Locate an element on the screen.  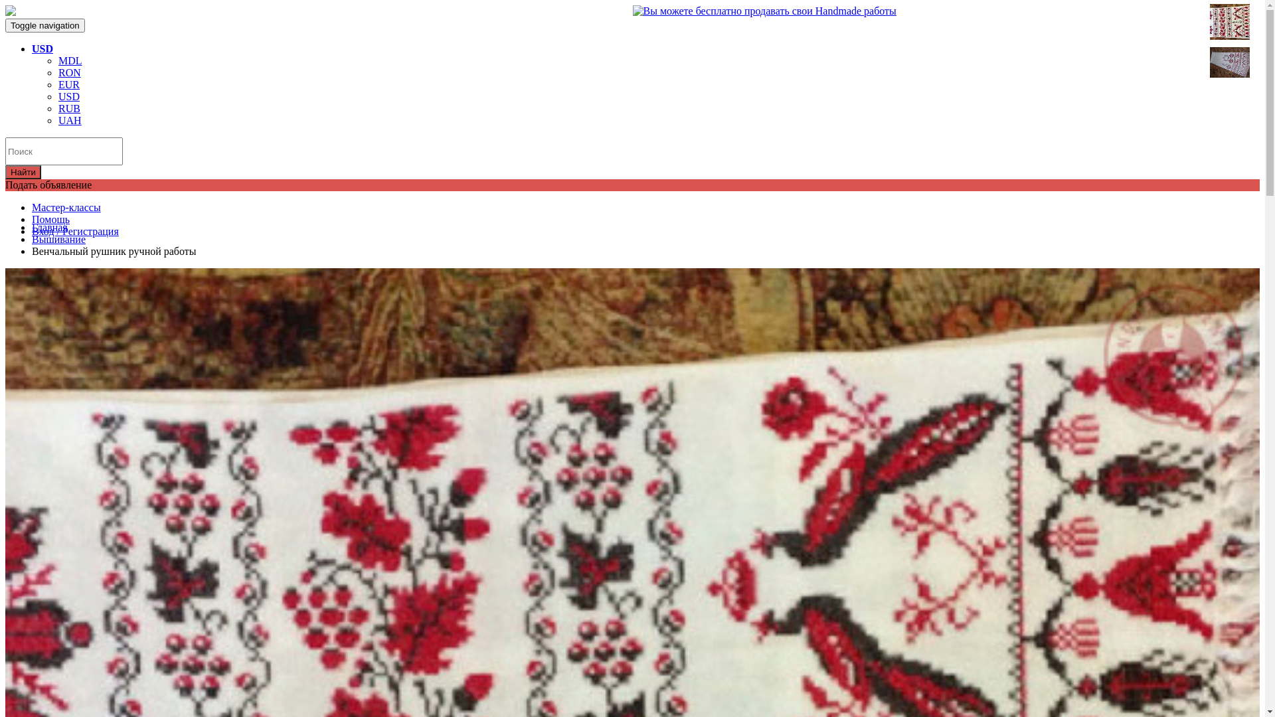
'RUB' is located at coordinates (68, 108).